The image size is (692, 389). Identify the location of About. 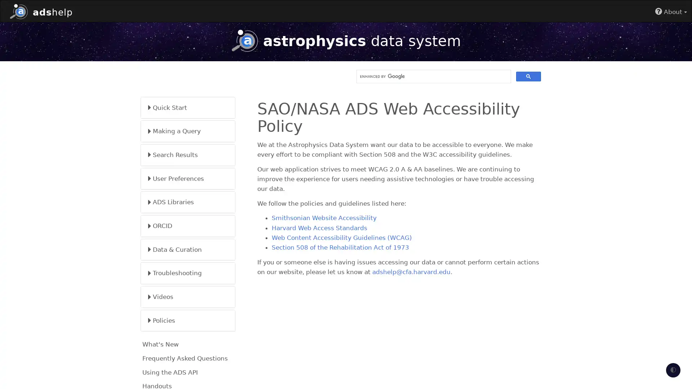
(671, 12).